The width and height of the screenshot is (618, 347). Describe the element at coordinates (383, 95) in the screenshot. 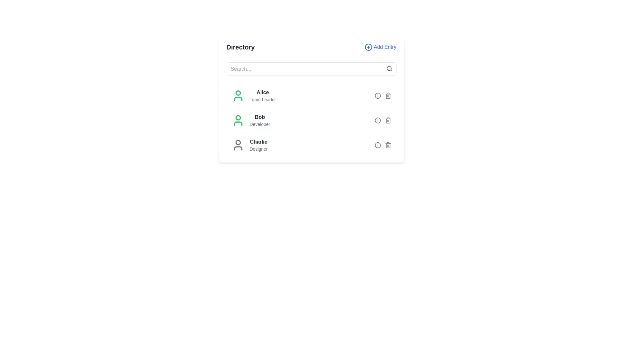

I see `the information icon located in the top entry row of the directory list next to 'Alice Team Leader'` at that location.